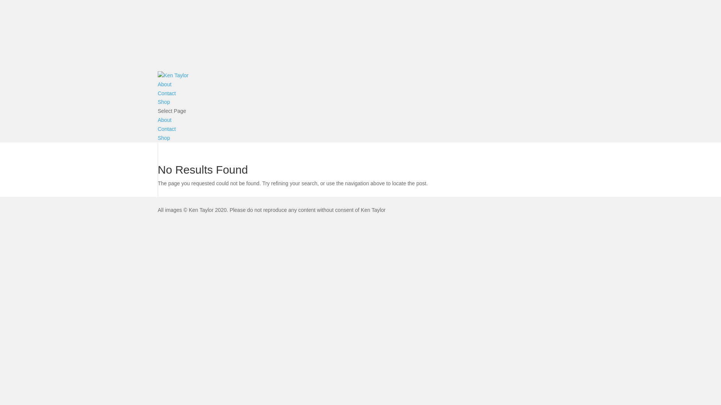 The width and height of the screenshot is (721, 405). What do you see at coordinates (163, 102) in the screenshot?
I see `'Shop'` at bounding box center [163, 102].